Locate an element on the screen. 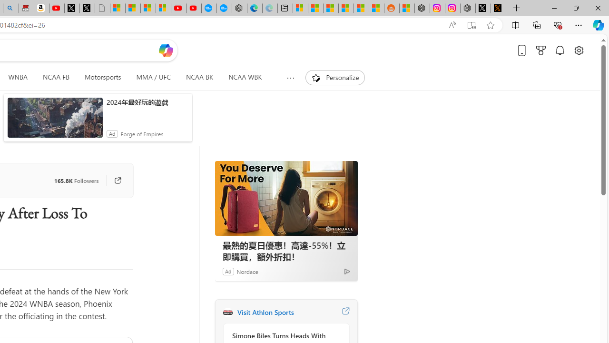 This screenshot has height=343, width=609. 'Motorsports' is located at coordinates (103, 77).